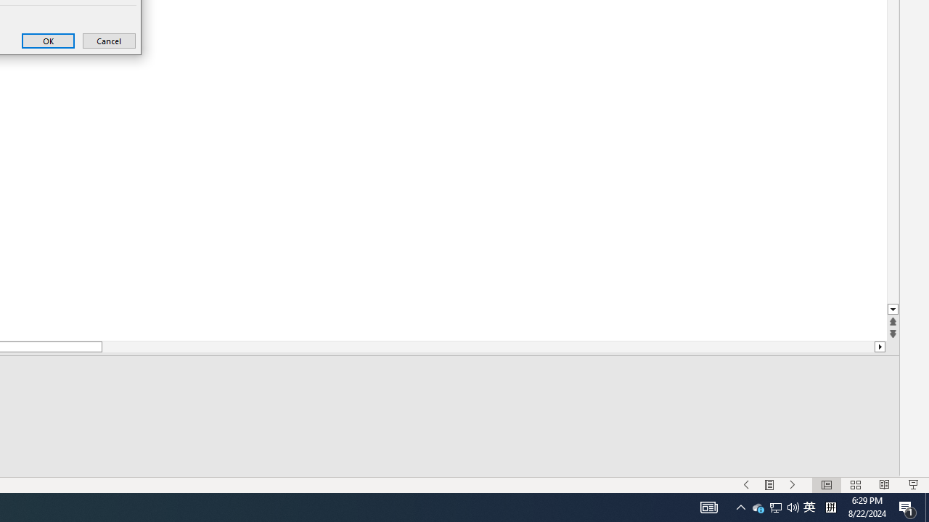 The height and width of the screenshot is (522, 929). I want to click on 'Slide Show Previous On', so click(746, 485).